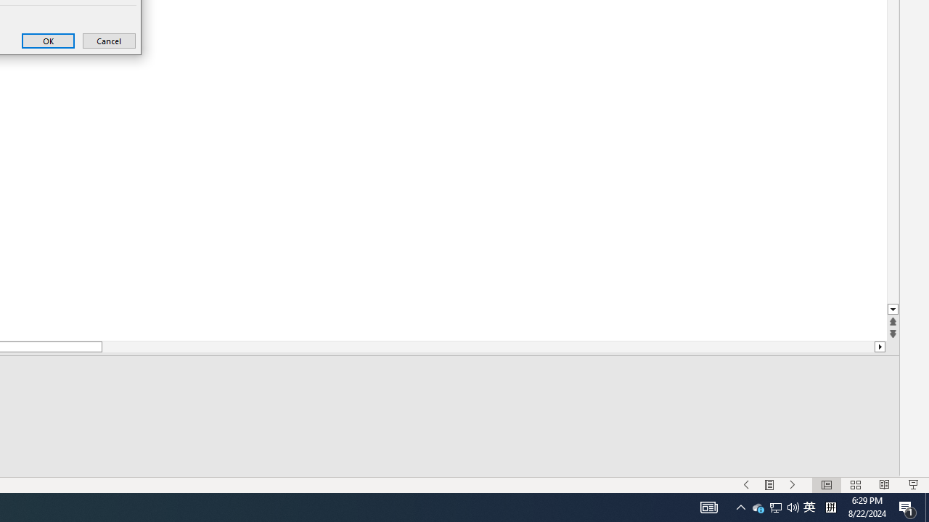 The height and width of the screenshot is (522, 929). I want to click on 'Slide Show Previous On', so click(746, 485).